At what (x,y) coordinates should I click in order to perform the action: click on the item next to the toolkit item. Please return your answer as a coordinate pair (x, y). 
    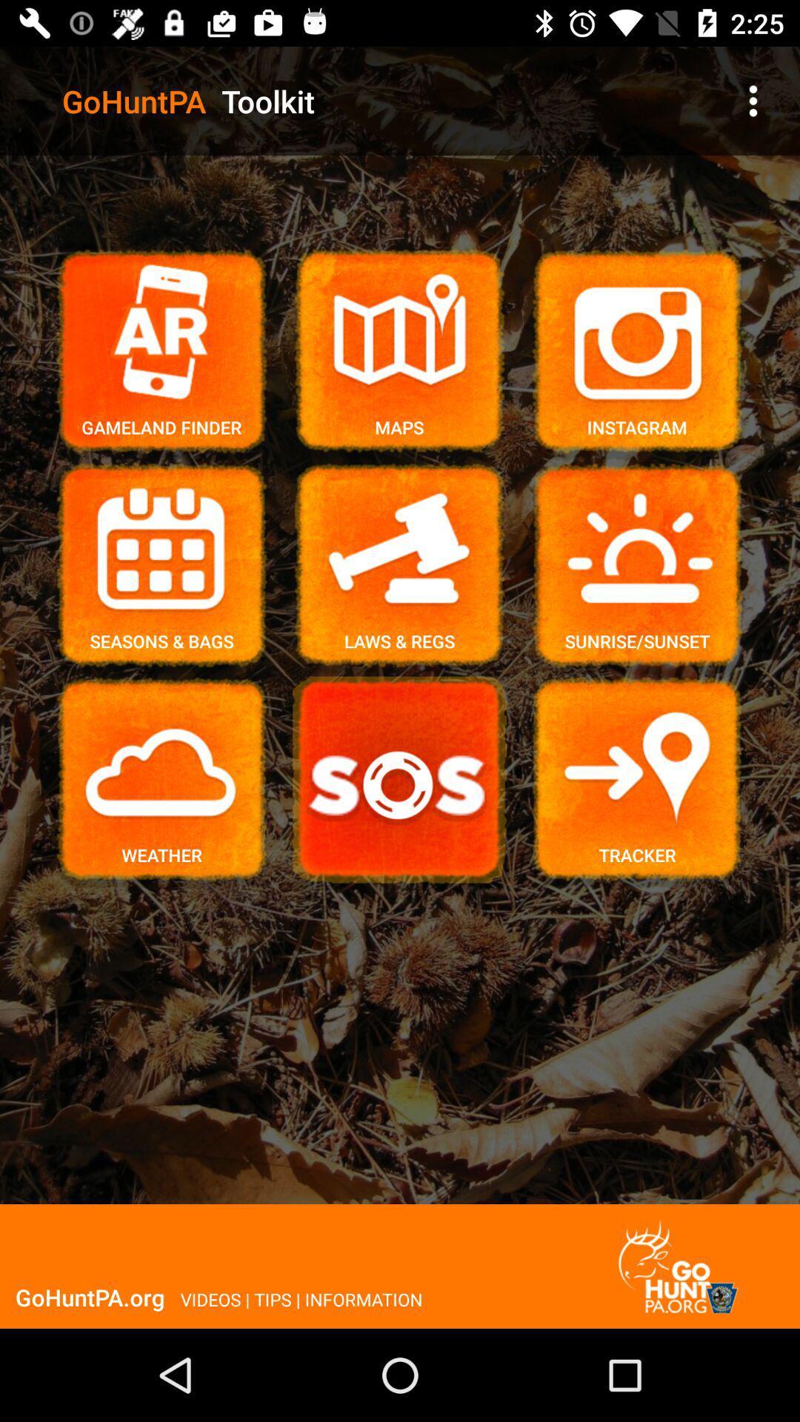
    Looking at the image, I should click on (753, 100).